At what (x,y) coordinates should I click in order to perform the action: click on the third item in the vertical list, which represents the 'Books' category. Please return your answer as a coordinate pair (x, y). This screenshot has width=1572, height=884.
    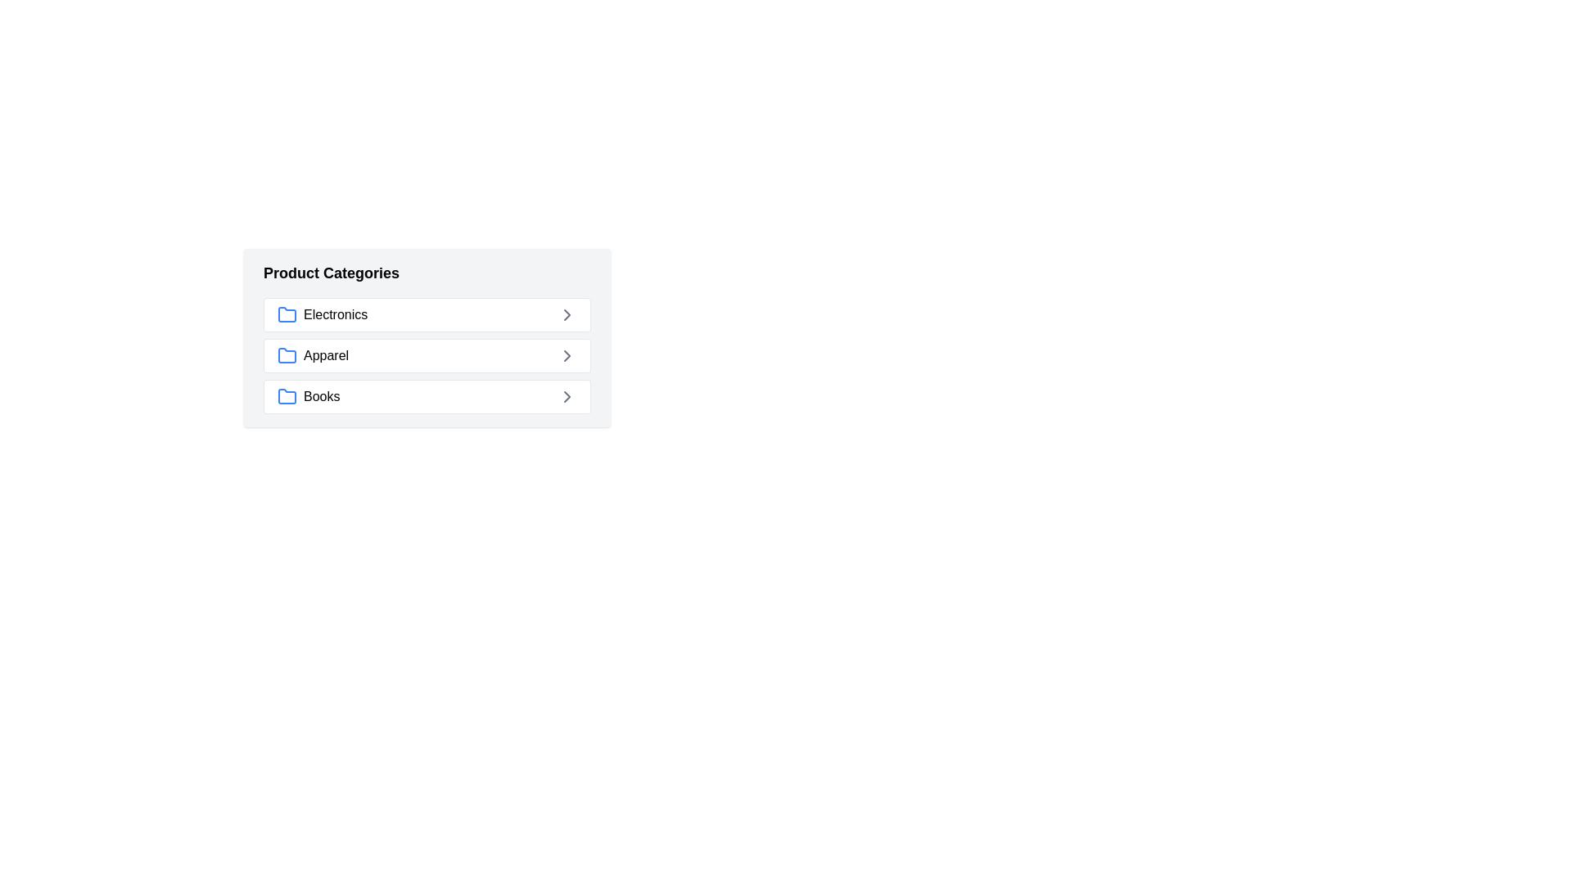
    Looking at the image, I should click on (427, 397).